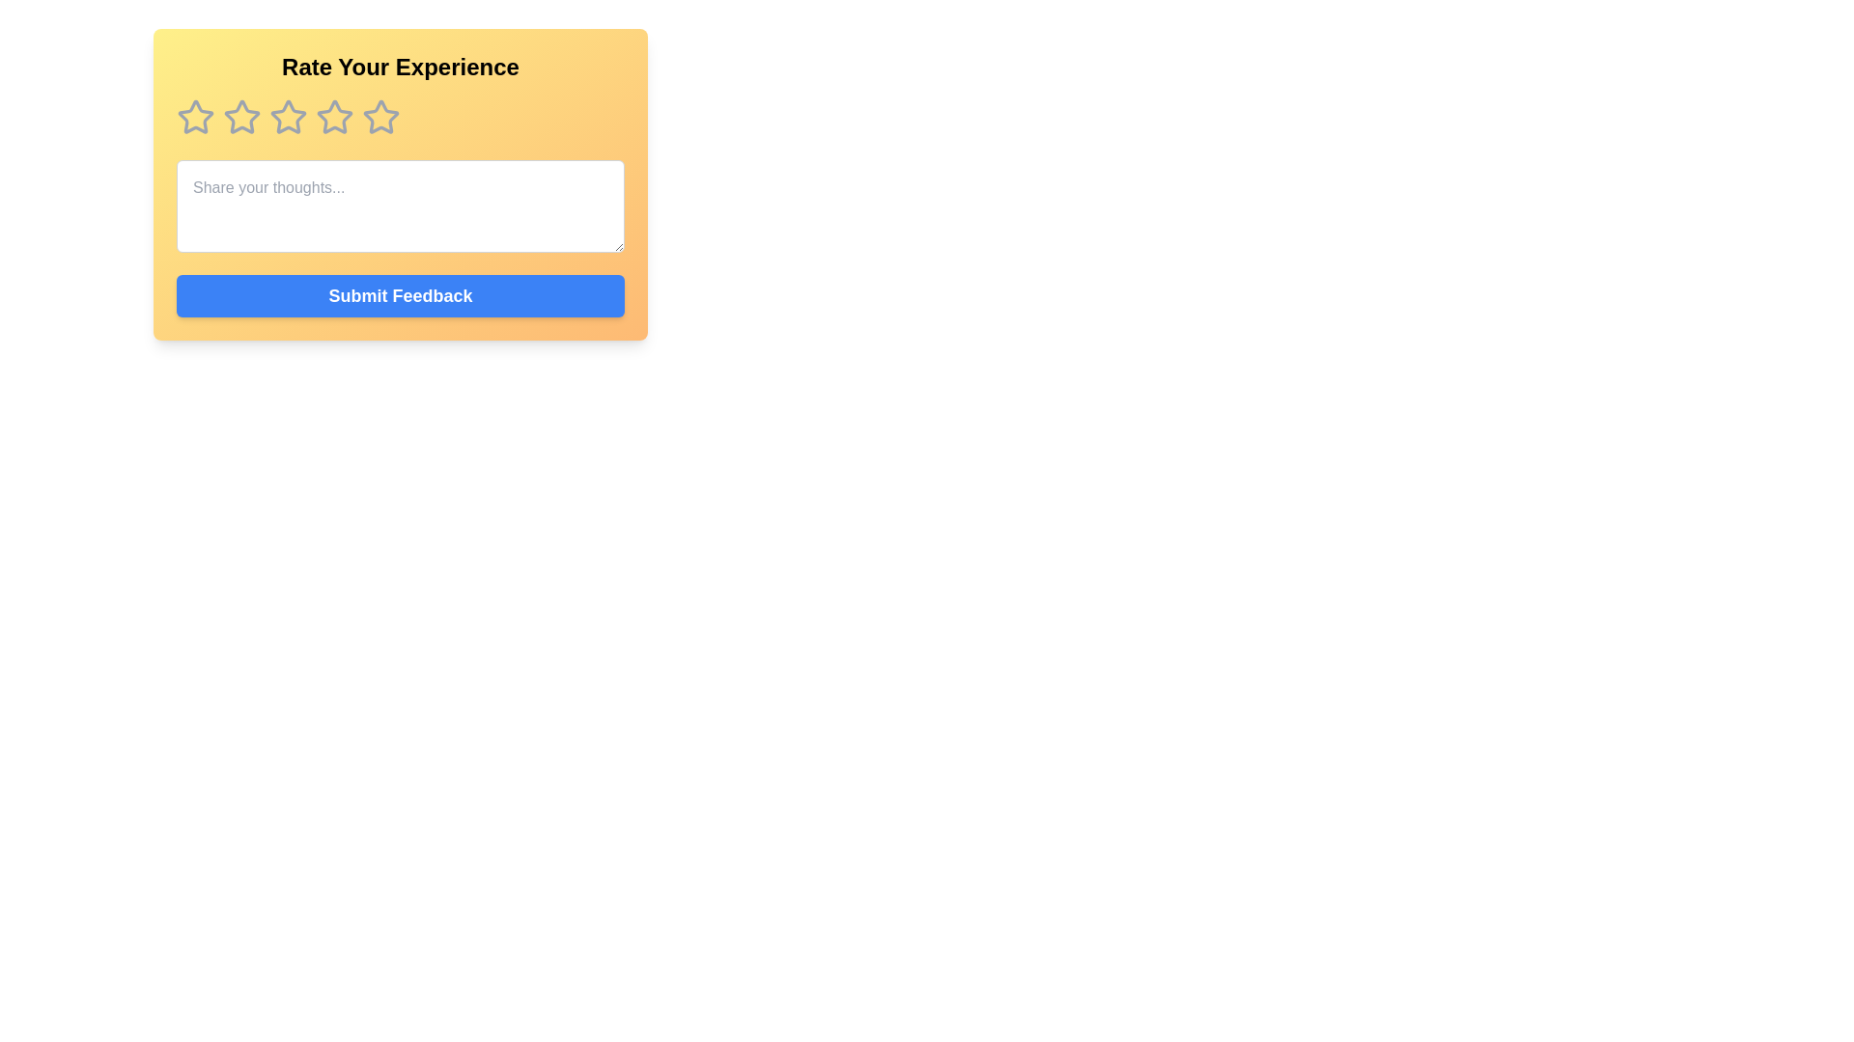 This screenshot has height=1042, width=1854. I want to click on the fifth star-shaped rating icon with a hollow middle and gray border, located within the feedback section that has an orange background, so click(380, 118).